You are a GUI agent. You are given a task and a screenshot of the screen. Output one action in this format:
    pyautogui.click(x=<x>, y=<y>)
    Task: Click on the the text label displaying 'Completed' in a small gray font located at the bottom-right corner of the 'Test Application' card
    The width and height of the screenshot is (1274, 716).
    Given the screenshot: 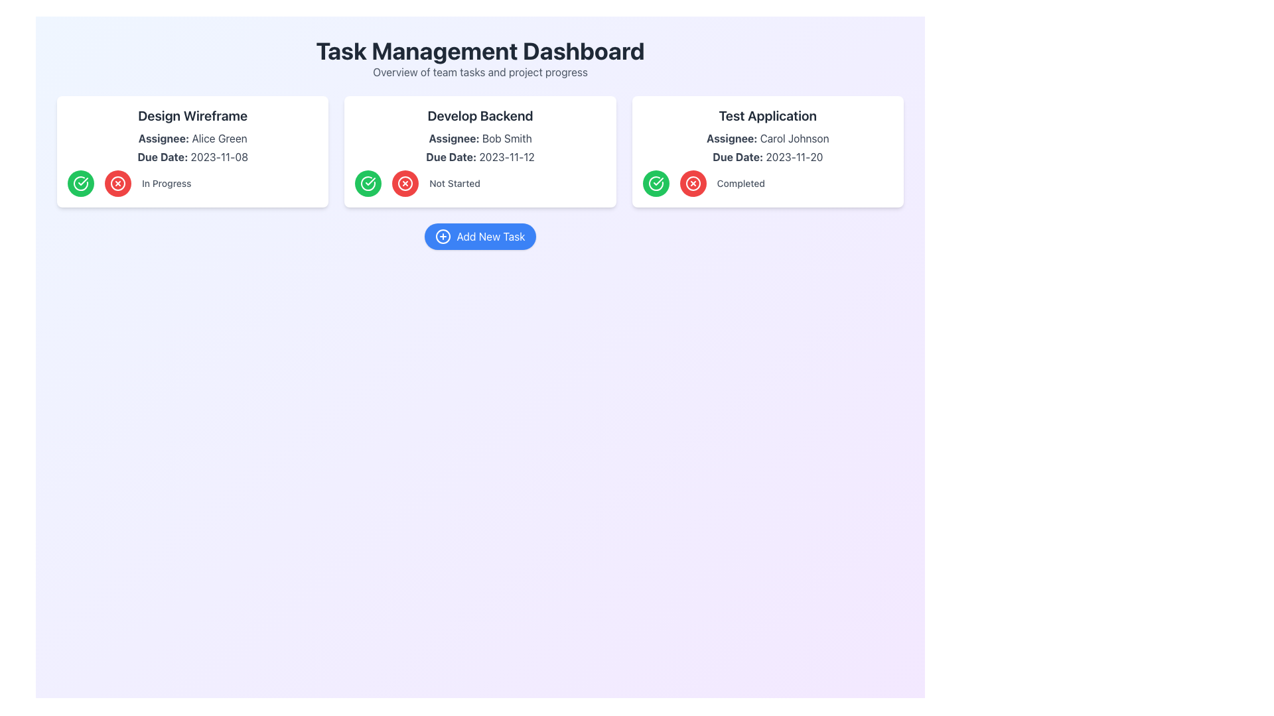 What is the action you would take?
    pyautogui.click(x=740, y=184)
    